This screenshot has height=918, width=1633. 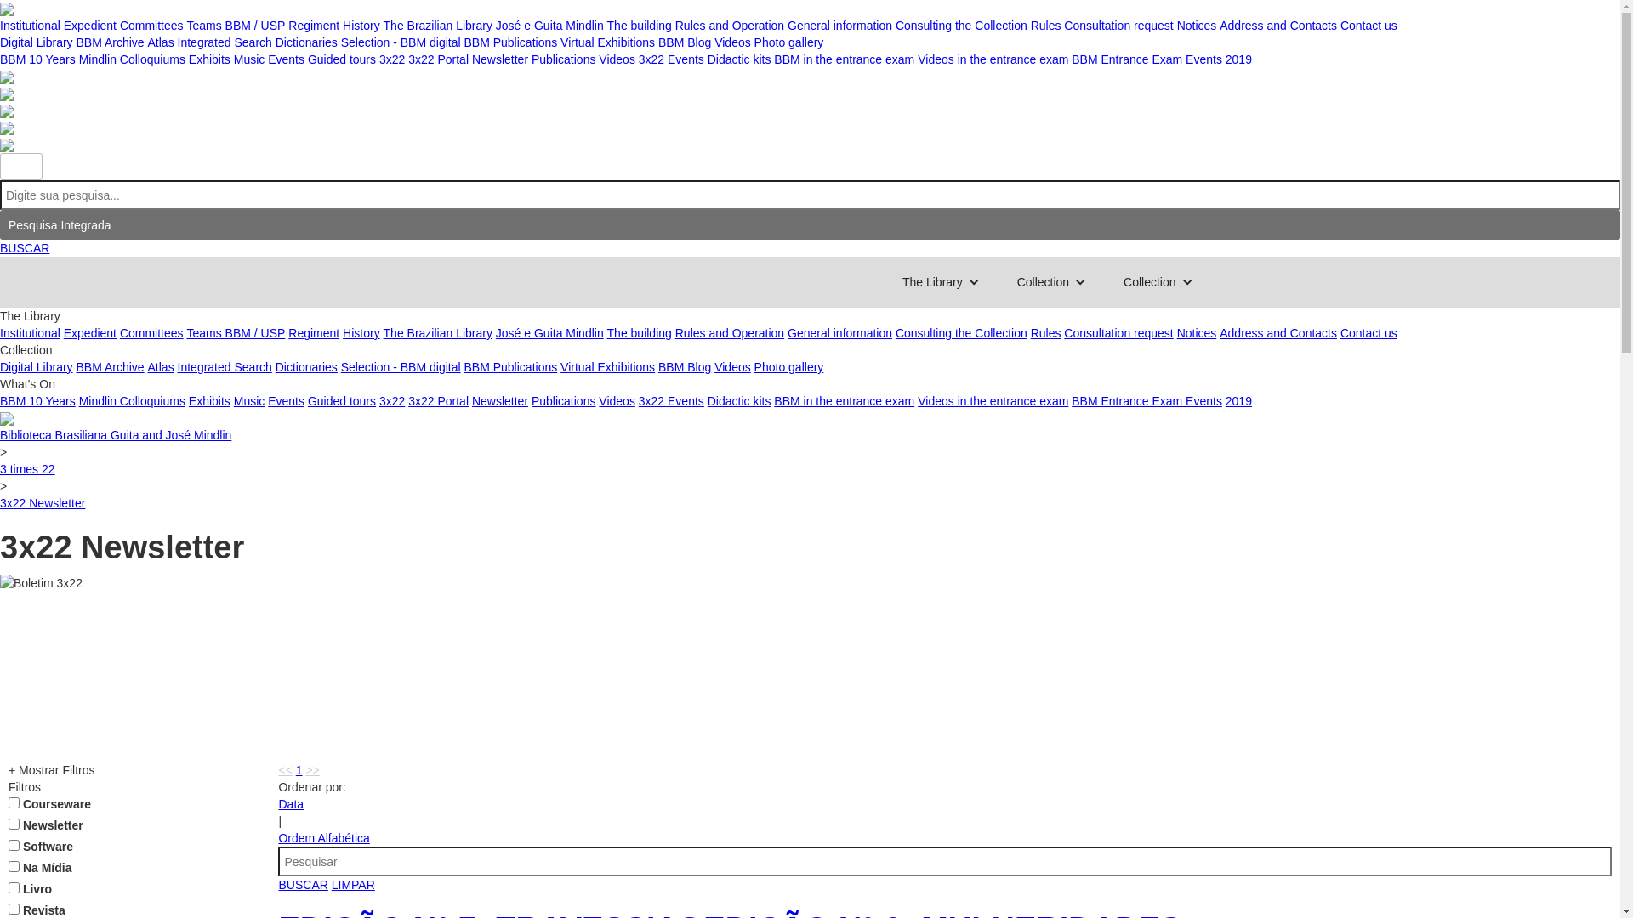 What do you see at coordinates (390, 400) in the screenshot?
I see `'3x22'` at bounding box center [390, 400].